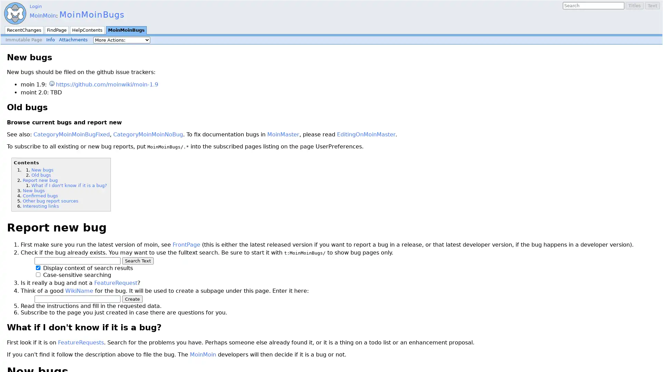 The image size is (663, 372). What do you see at coordinates (138, 261) in the screenshot?
I see `Search Text` at bounding box center [138, 261].